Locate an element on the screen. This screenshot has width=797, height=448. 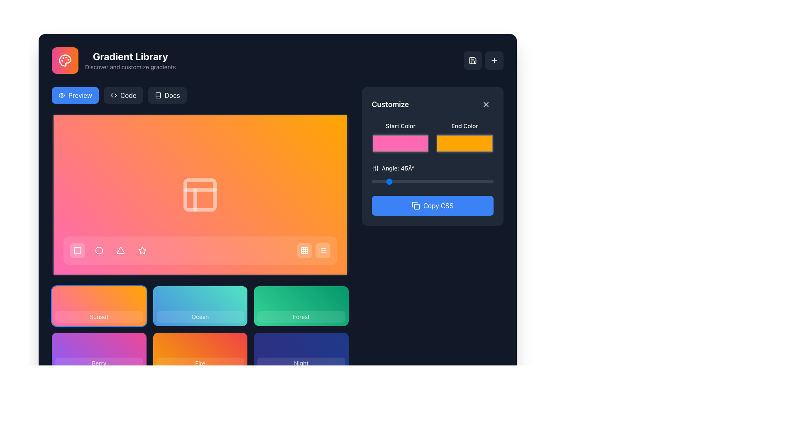
the slider in the 'Customize' panel is located at coordinates (432, 168).